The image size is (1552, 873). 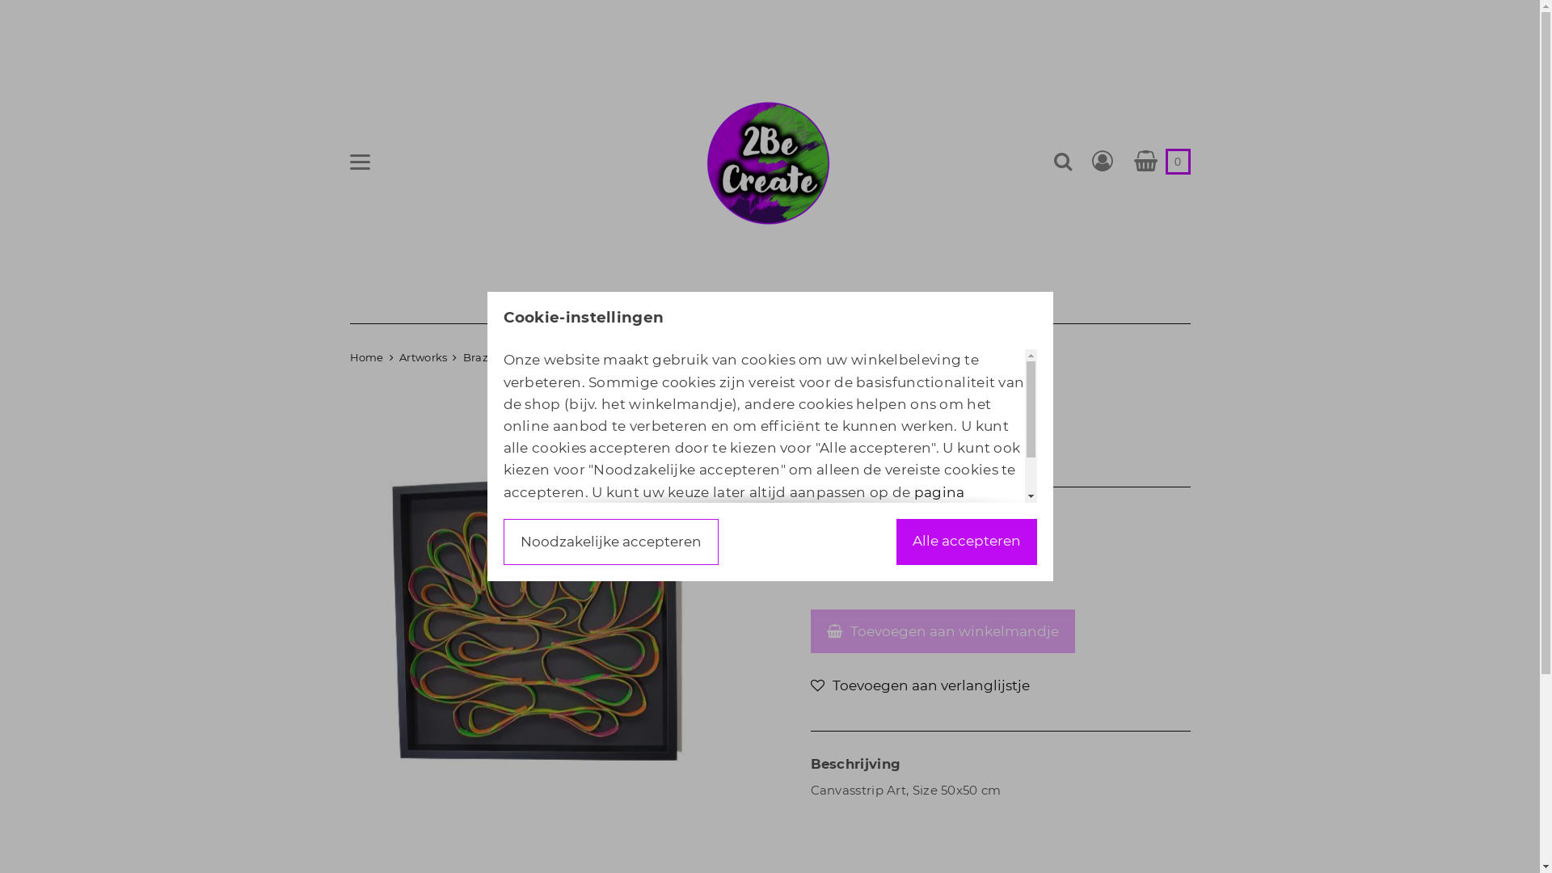 What do you see at coordinates (496, 356) in the screenshot?
I see `'Brazil (Sold)'` at bounding box center [496, 356].